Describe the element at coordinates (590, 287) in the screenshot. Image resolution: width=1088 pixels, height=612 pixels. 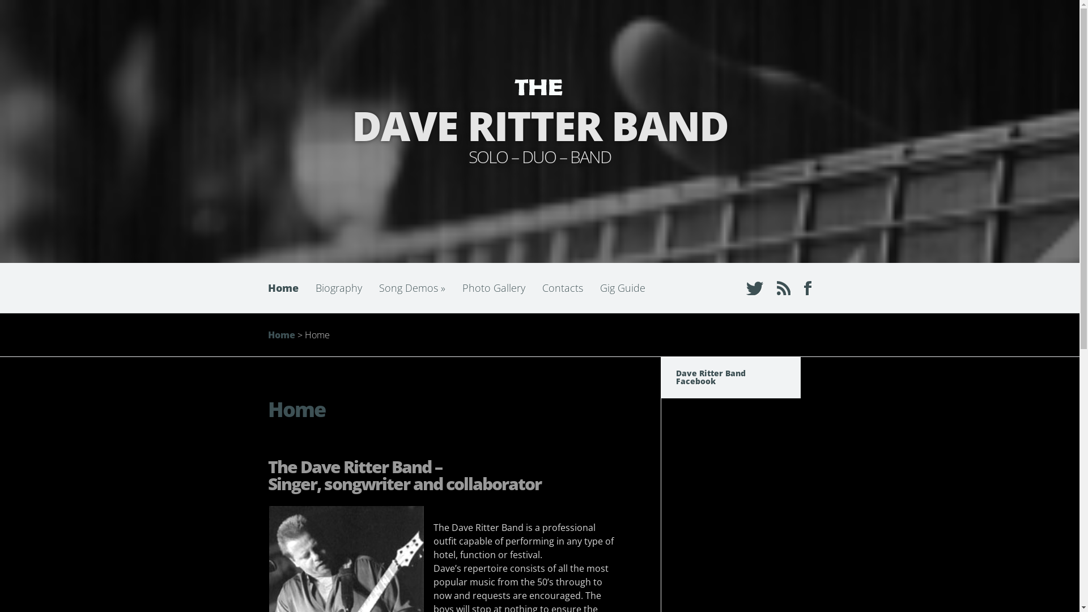
I see `'Gig Guide'` at that location.